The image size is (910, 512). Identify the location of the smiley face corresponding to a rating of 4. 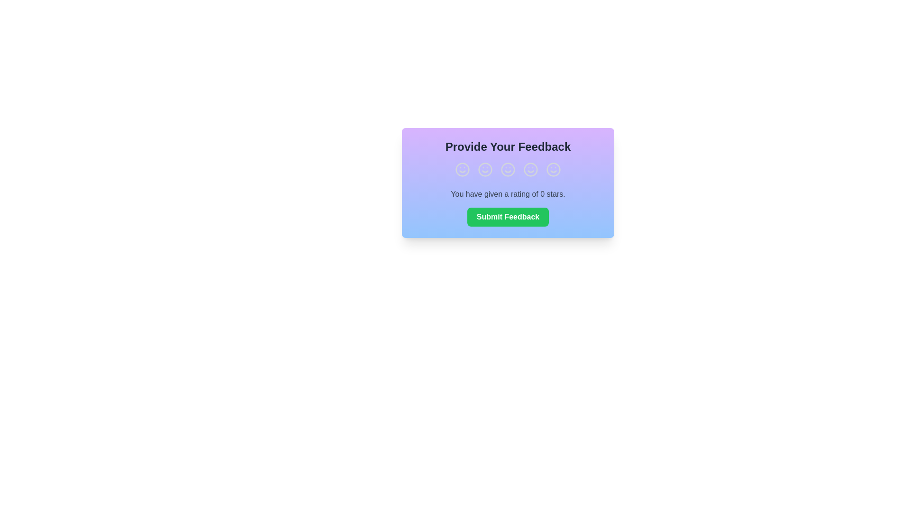
(530, 169).